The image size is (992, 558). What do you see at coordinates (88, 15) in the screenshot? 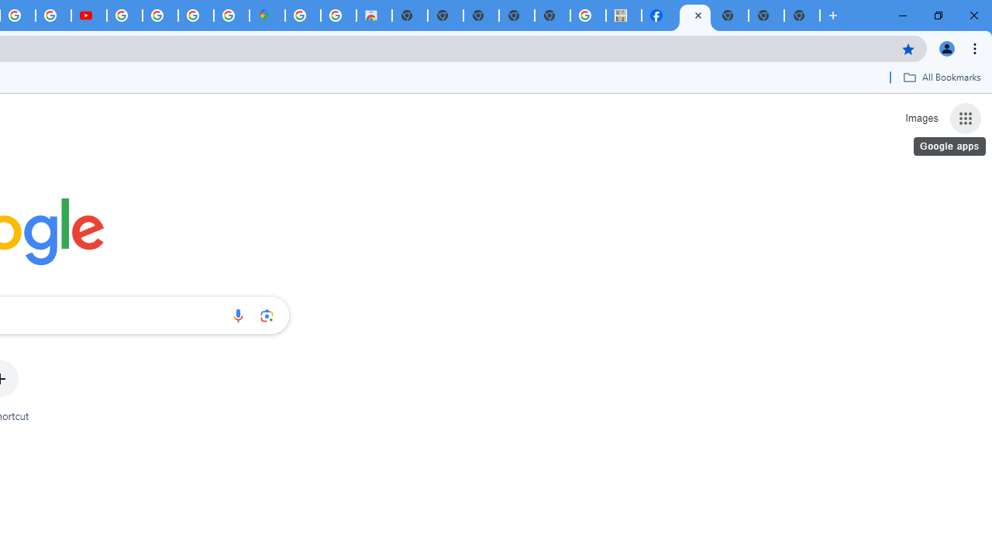
I see `'Subscriptions - YouTube'` at bounding box center [88, 15].